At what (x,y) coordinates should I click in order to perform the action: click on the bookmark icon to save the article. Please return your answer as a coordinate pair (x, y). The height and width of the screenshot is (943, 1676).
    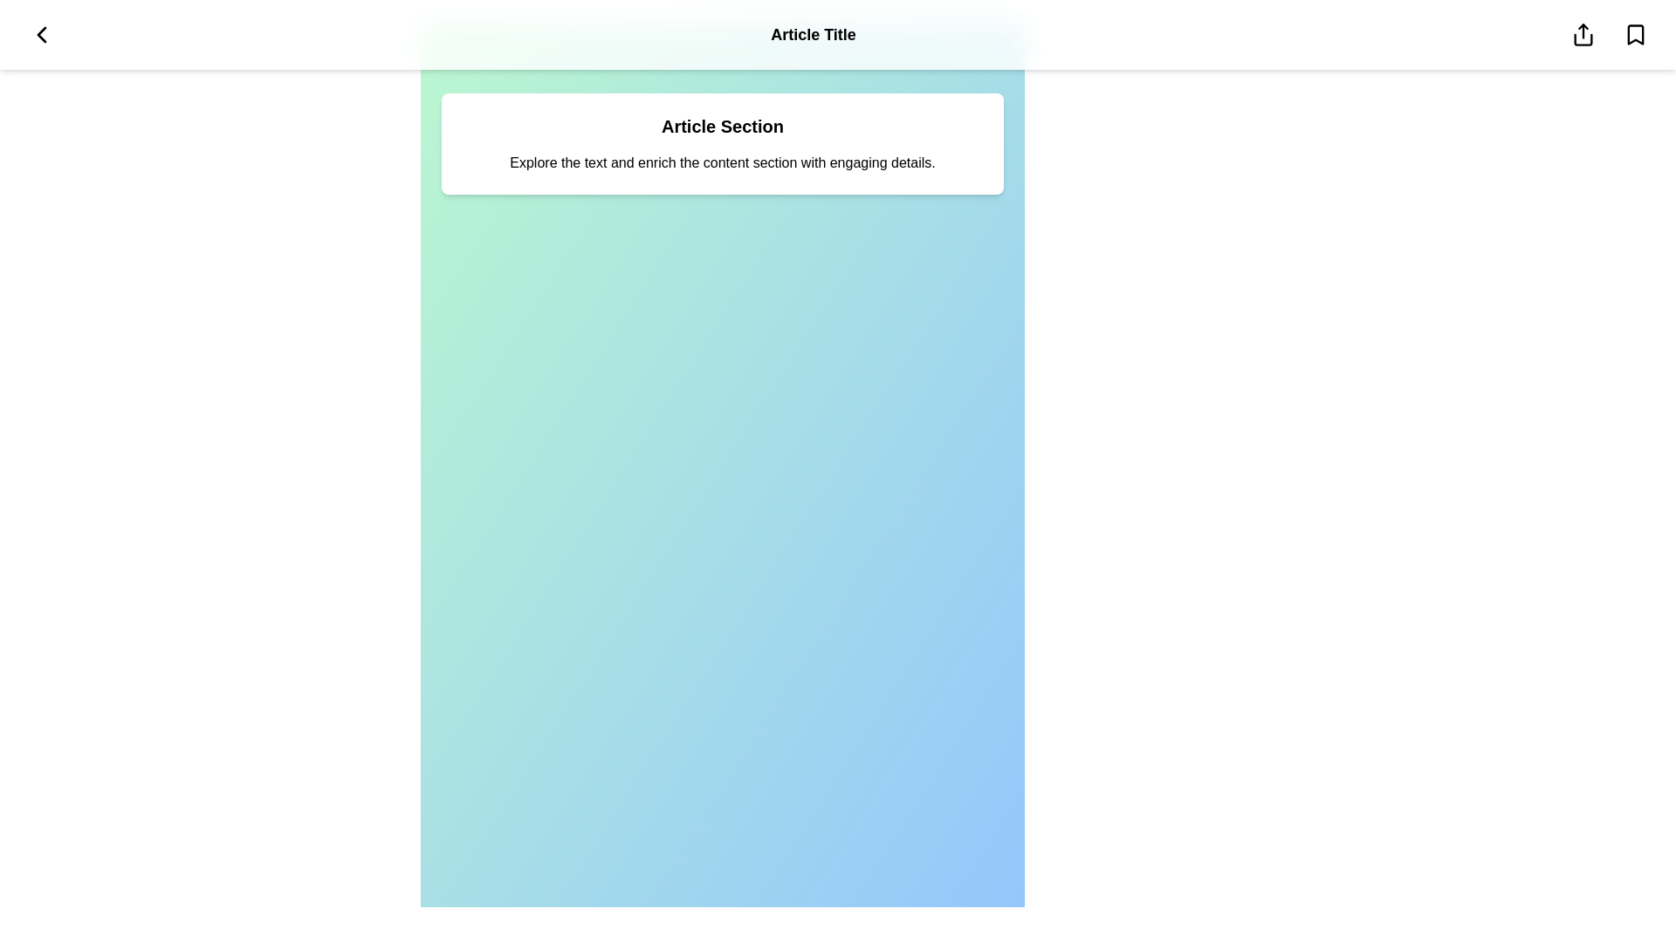
    Looking at the image, I should click on (1634, 34).